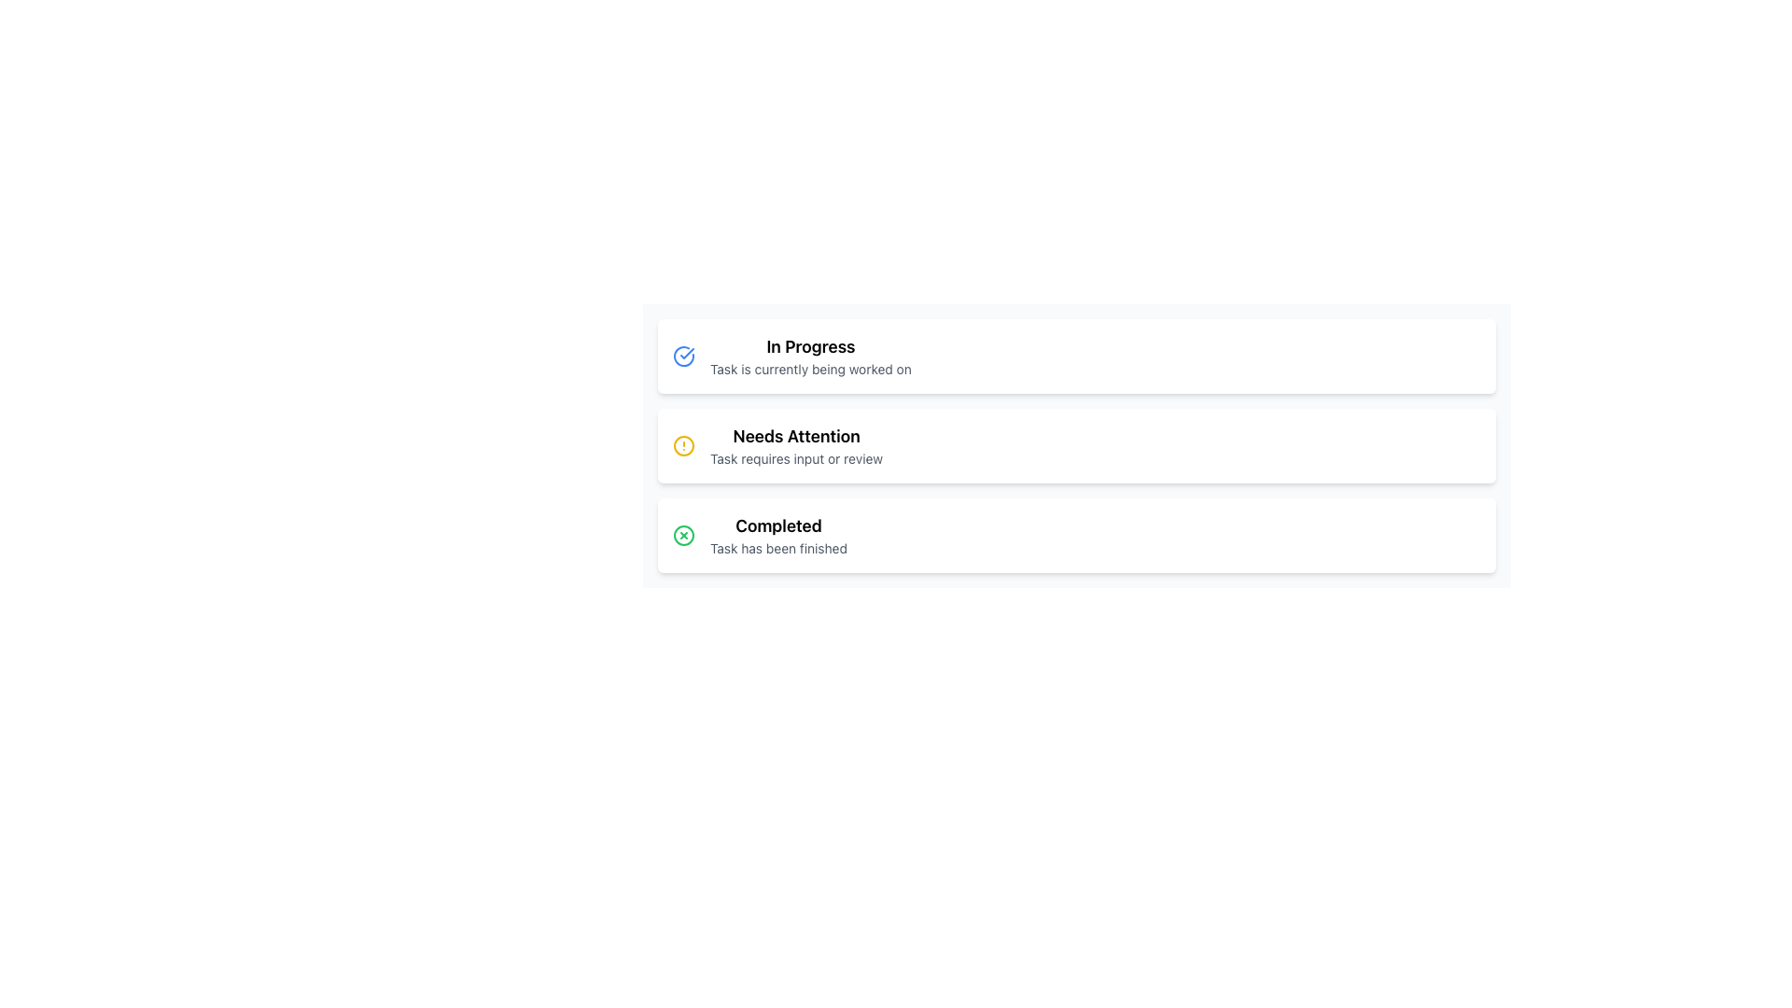  Describe the element at coordinates (778, 547) in the screenshot. I see `the text element that reads 'Task has been finished', which is a secondary description styled in smaller light gray font, situated below the bolded heading 'Completed'` at that location.